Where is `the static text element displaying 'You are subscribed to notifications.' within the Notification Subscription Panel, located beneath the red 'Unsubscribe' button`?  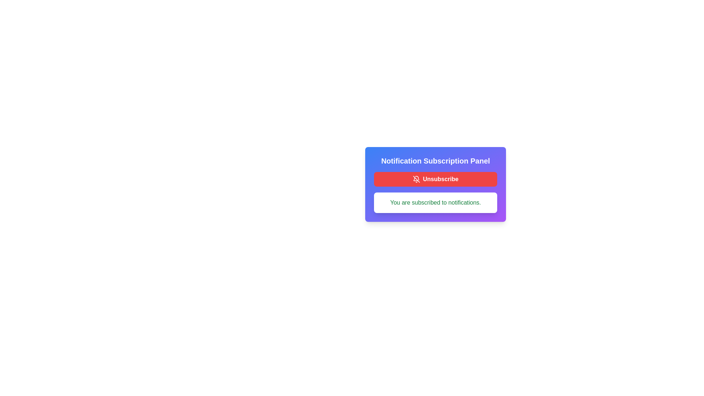
the static text element displaying 'You are subscribed to notifications.' within the Notification Subscription Panel, located beneath the red 'Unsubscribe' button is located at coordinates (436, 202).